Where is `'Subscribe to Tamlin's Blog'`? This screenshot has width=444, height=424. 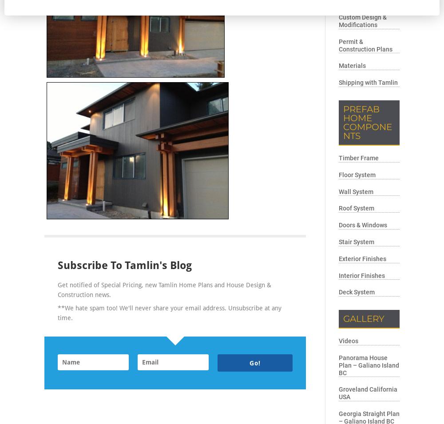
'Subscribe to Tamlin's Blog' is located at coordinates (125, 265).